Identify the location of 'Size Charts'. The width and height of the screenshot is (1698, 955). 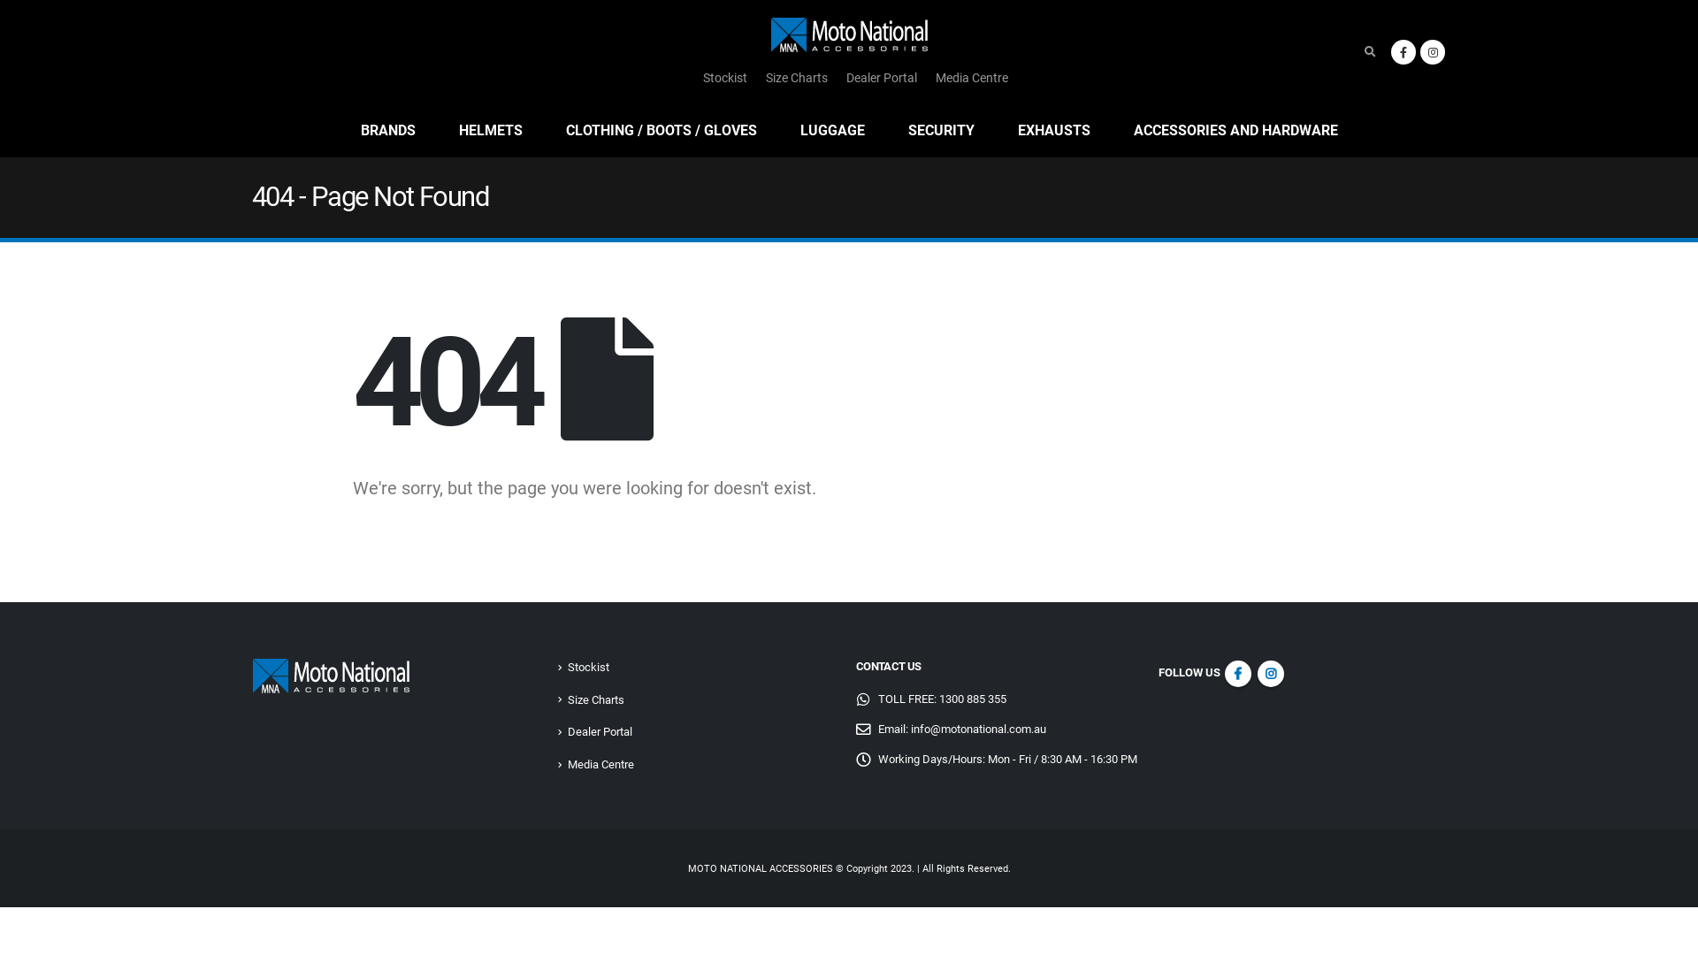
(796, 77).